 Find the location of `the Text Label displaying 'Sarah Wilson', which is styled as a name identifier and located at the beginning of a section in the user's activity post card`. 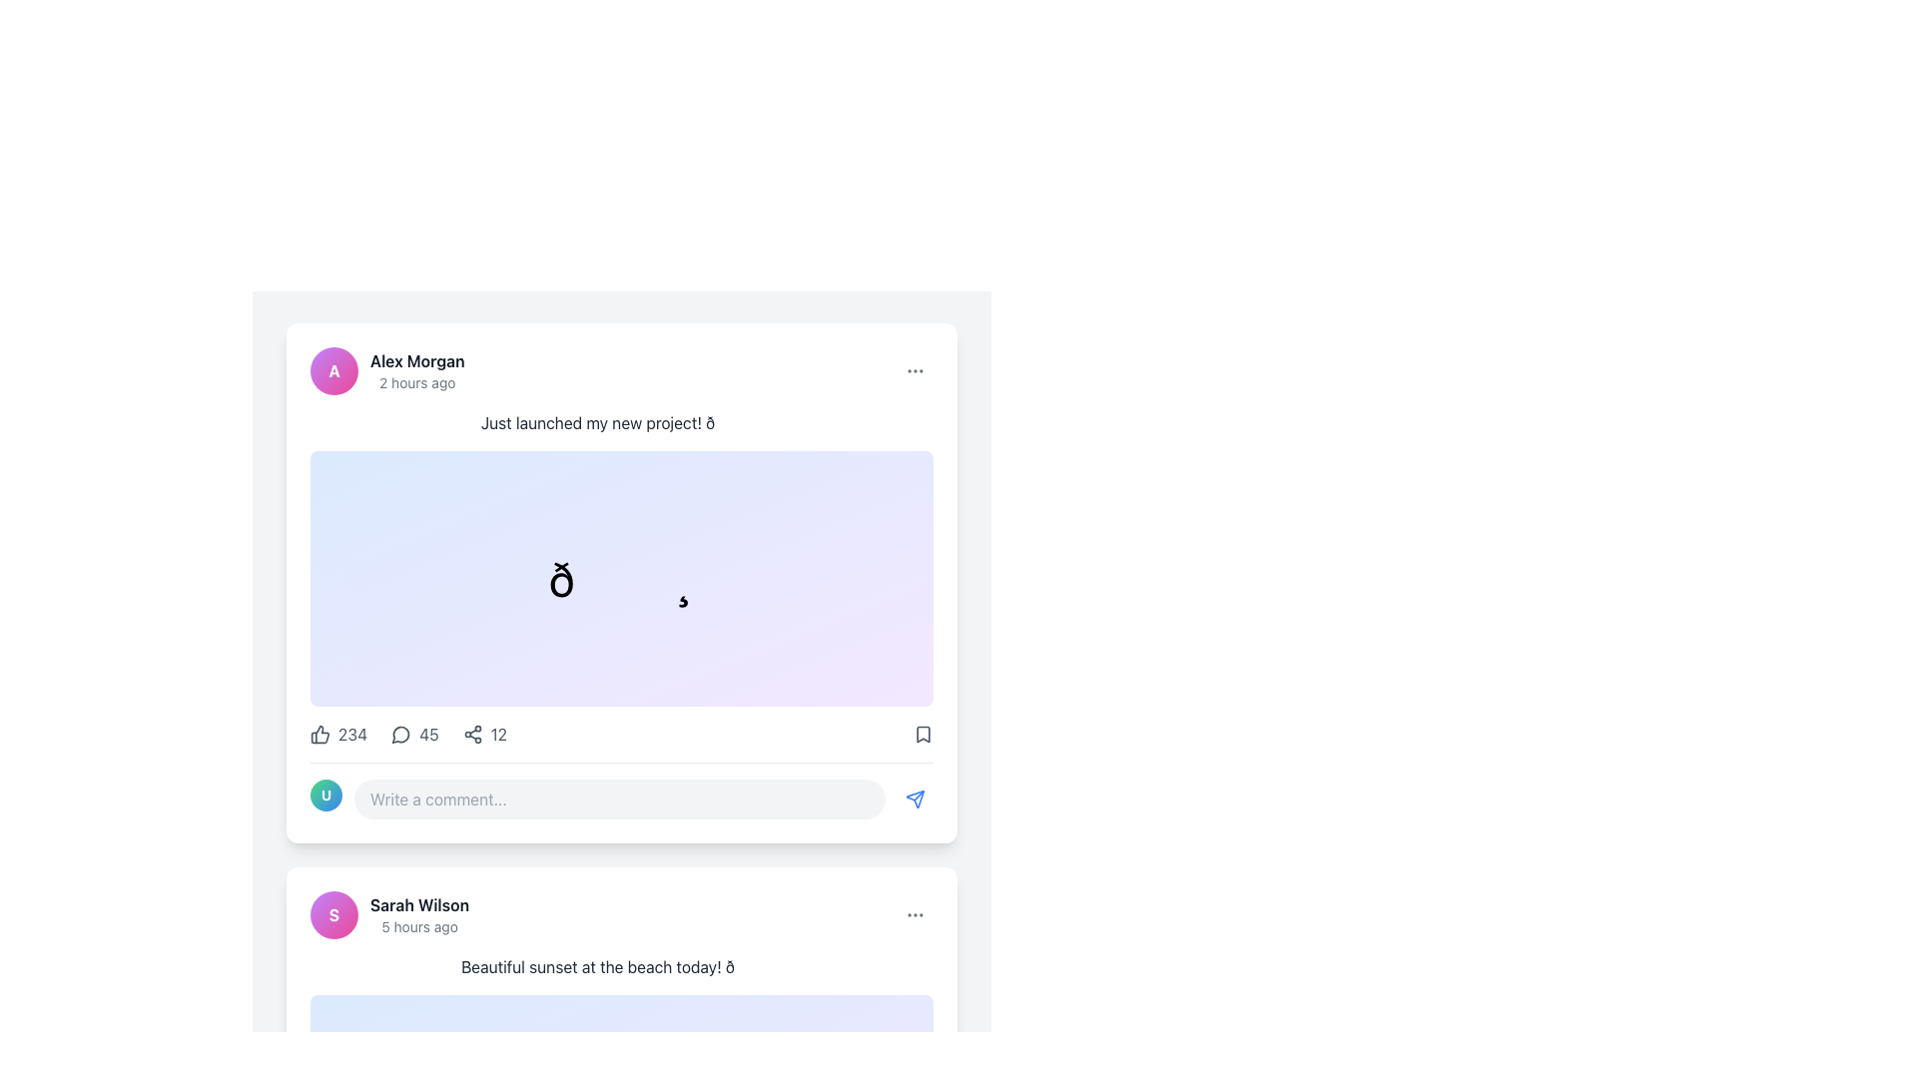

the Text Label displaying 'Sarah Wilson', which is styled as a name identifier and located at the beginning of a section in the user's activity post card is located at coordinates (418, 904).